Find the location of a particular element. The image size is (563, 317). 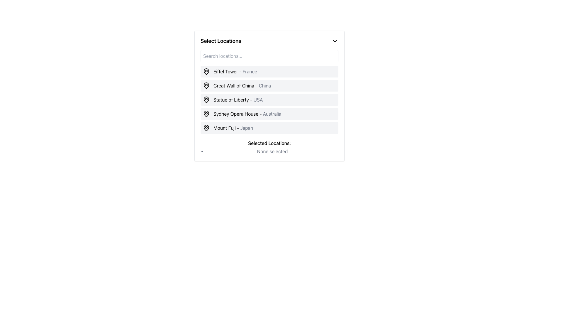

the selectable option for the Great Wall of China in the 'Select Locations' dropdown menu is located at coordinates (237, 86).